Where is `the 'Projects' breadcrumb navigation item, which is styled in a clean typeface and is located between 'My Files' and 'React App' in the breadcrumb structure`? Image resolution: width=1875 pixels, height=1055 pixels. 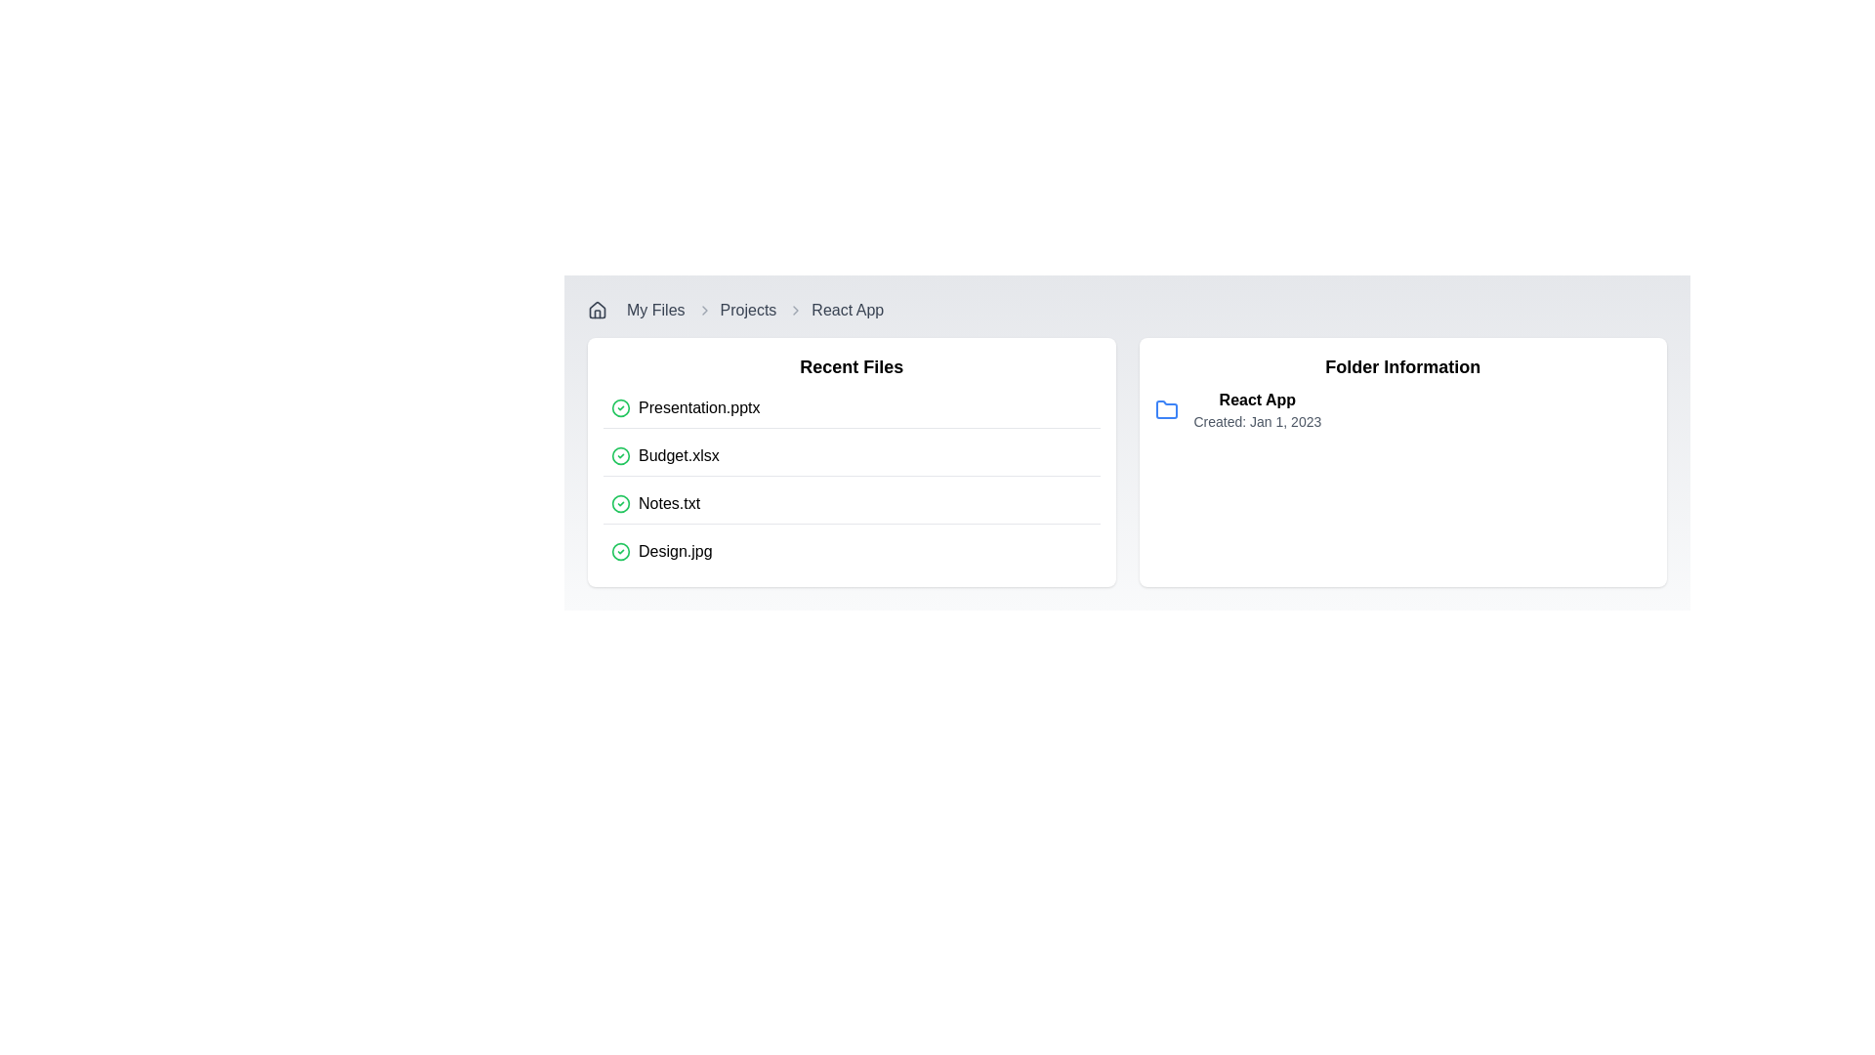
the 'Projects' breadcrumb navigation item, which is styled in a clean typeface and is located between 'My Files' and 'React App' in the breadcrumb structure is located at coordinates (735, 309).